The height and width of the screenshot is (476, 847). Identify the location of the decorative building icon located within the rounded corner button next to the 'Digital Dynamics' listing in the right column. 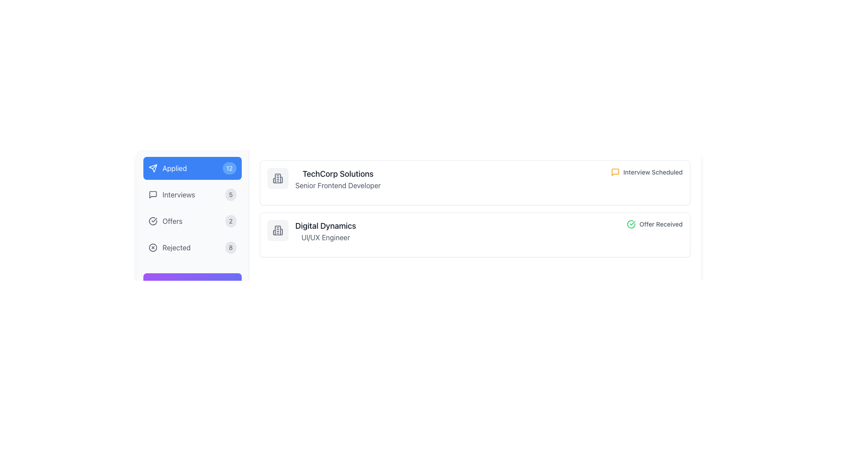
(277, 230).